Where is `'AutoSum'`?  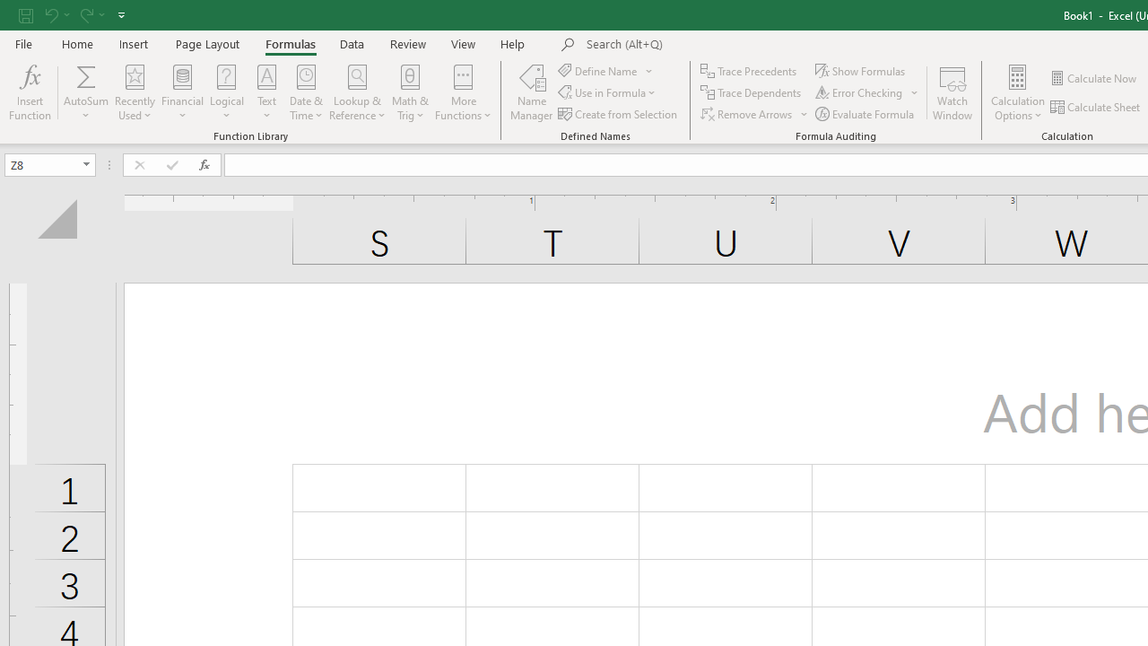
'AutoSum' is located at coordinates (85, 92).